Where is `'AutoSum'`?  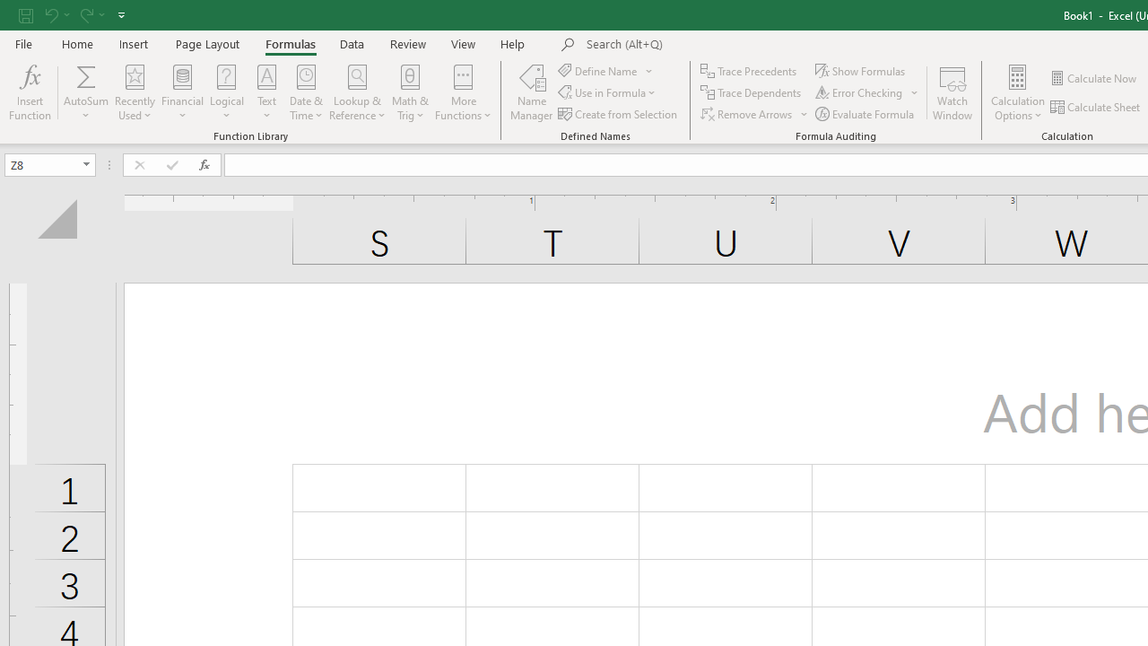
'AutoSum' is located at coordinates (85, 92).